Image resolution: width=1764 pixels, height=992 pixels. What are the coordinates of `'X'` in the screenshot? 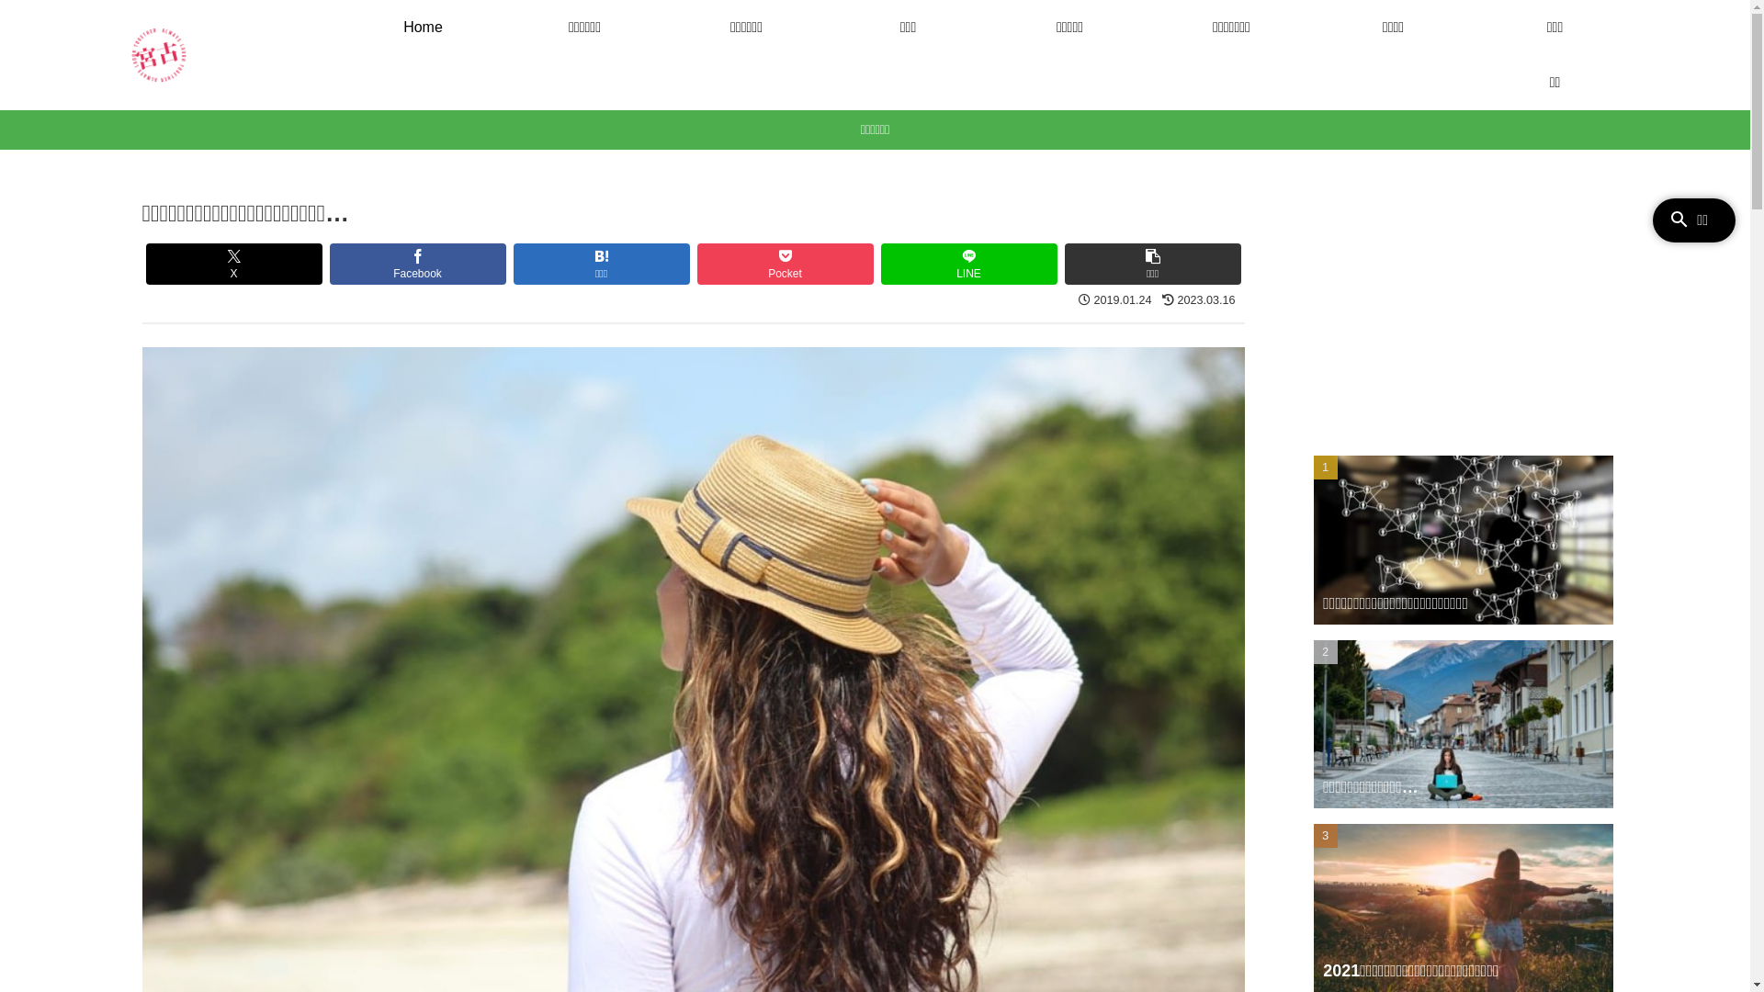 It's located at (232, 264).